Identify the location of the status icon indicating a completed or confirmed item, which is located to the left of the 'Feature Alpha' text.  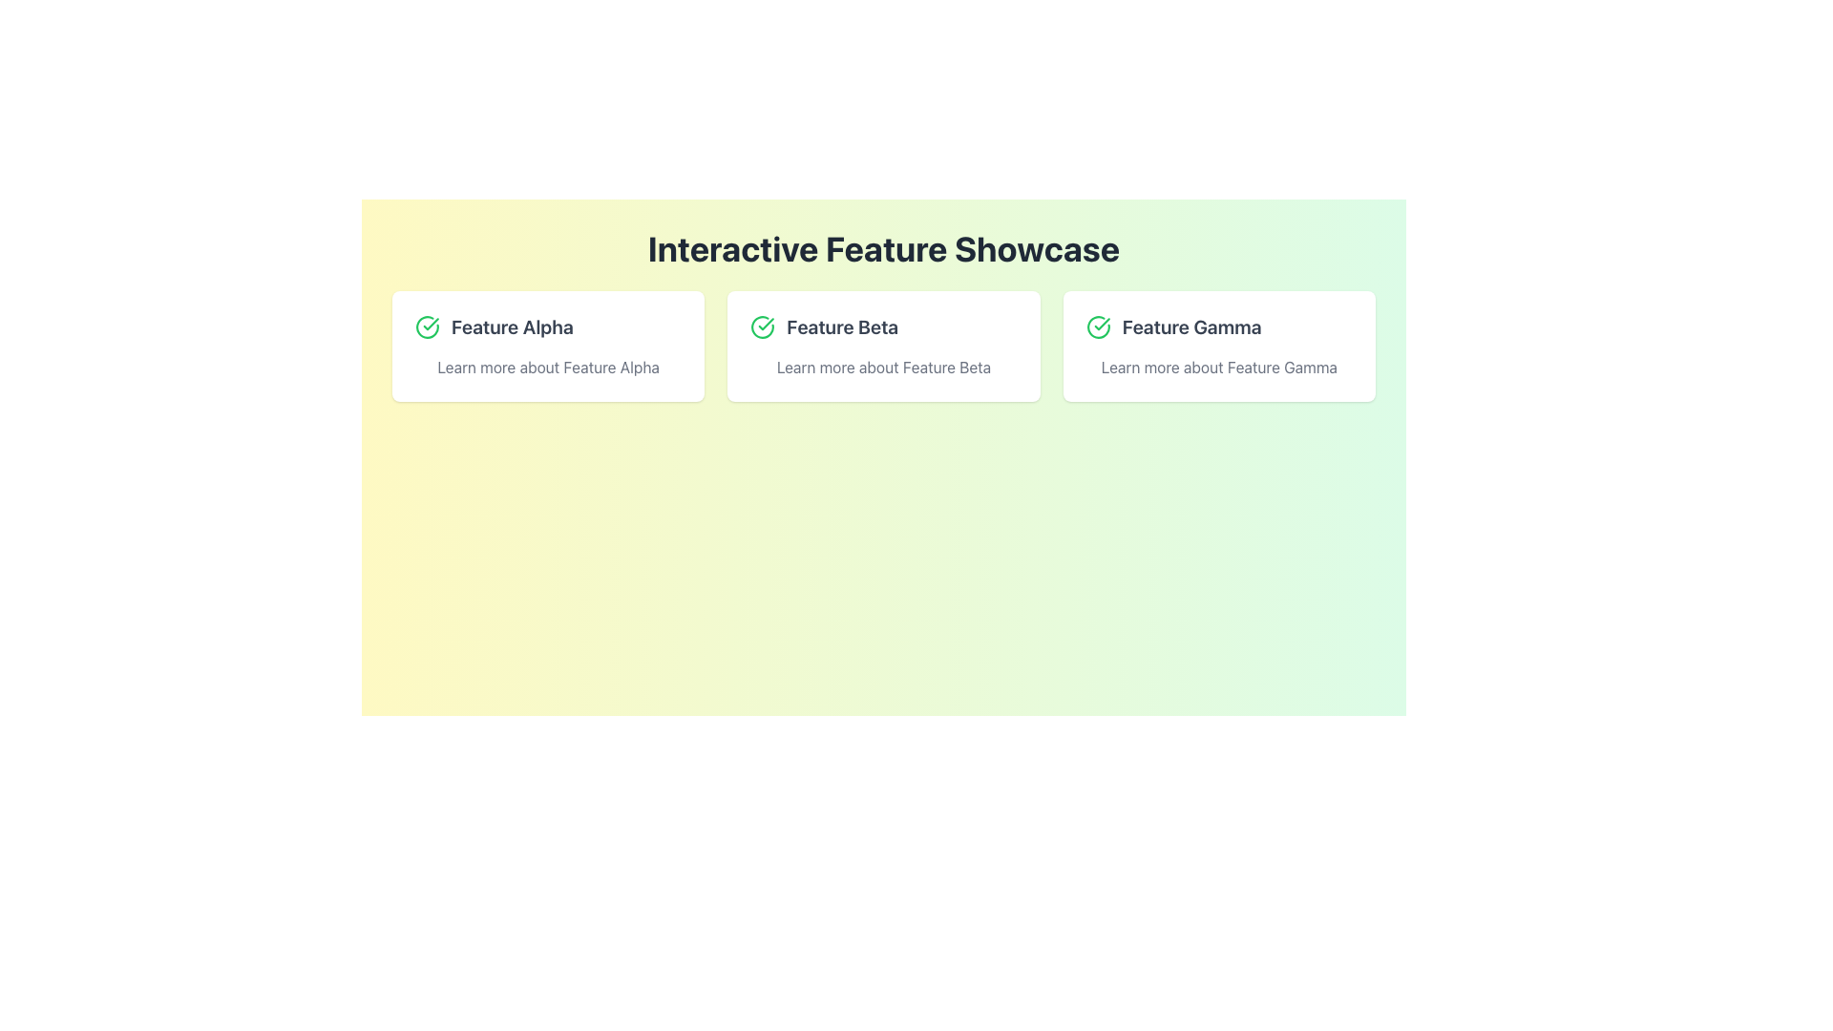
(426, 326).